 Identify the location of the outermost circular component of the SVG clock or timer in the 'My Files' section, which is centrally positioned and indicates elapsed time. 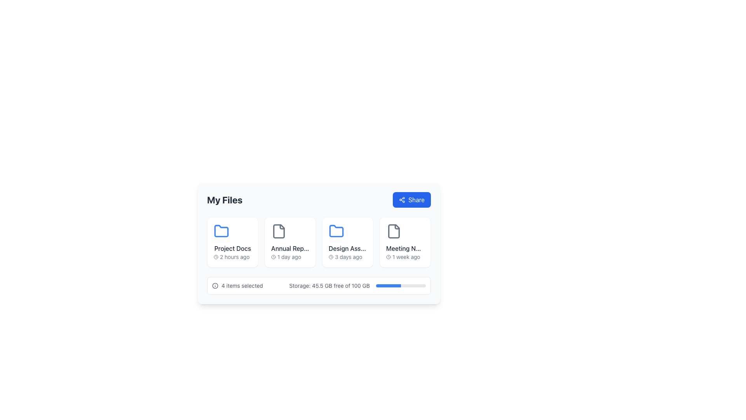
(216, 257).